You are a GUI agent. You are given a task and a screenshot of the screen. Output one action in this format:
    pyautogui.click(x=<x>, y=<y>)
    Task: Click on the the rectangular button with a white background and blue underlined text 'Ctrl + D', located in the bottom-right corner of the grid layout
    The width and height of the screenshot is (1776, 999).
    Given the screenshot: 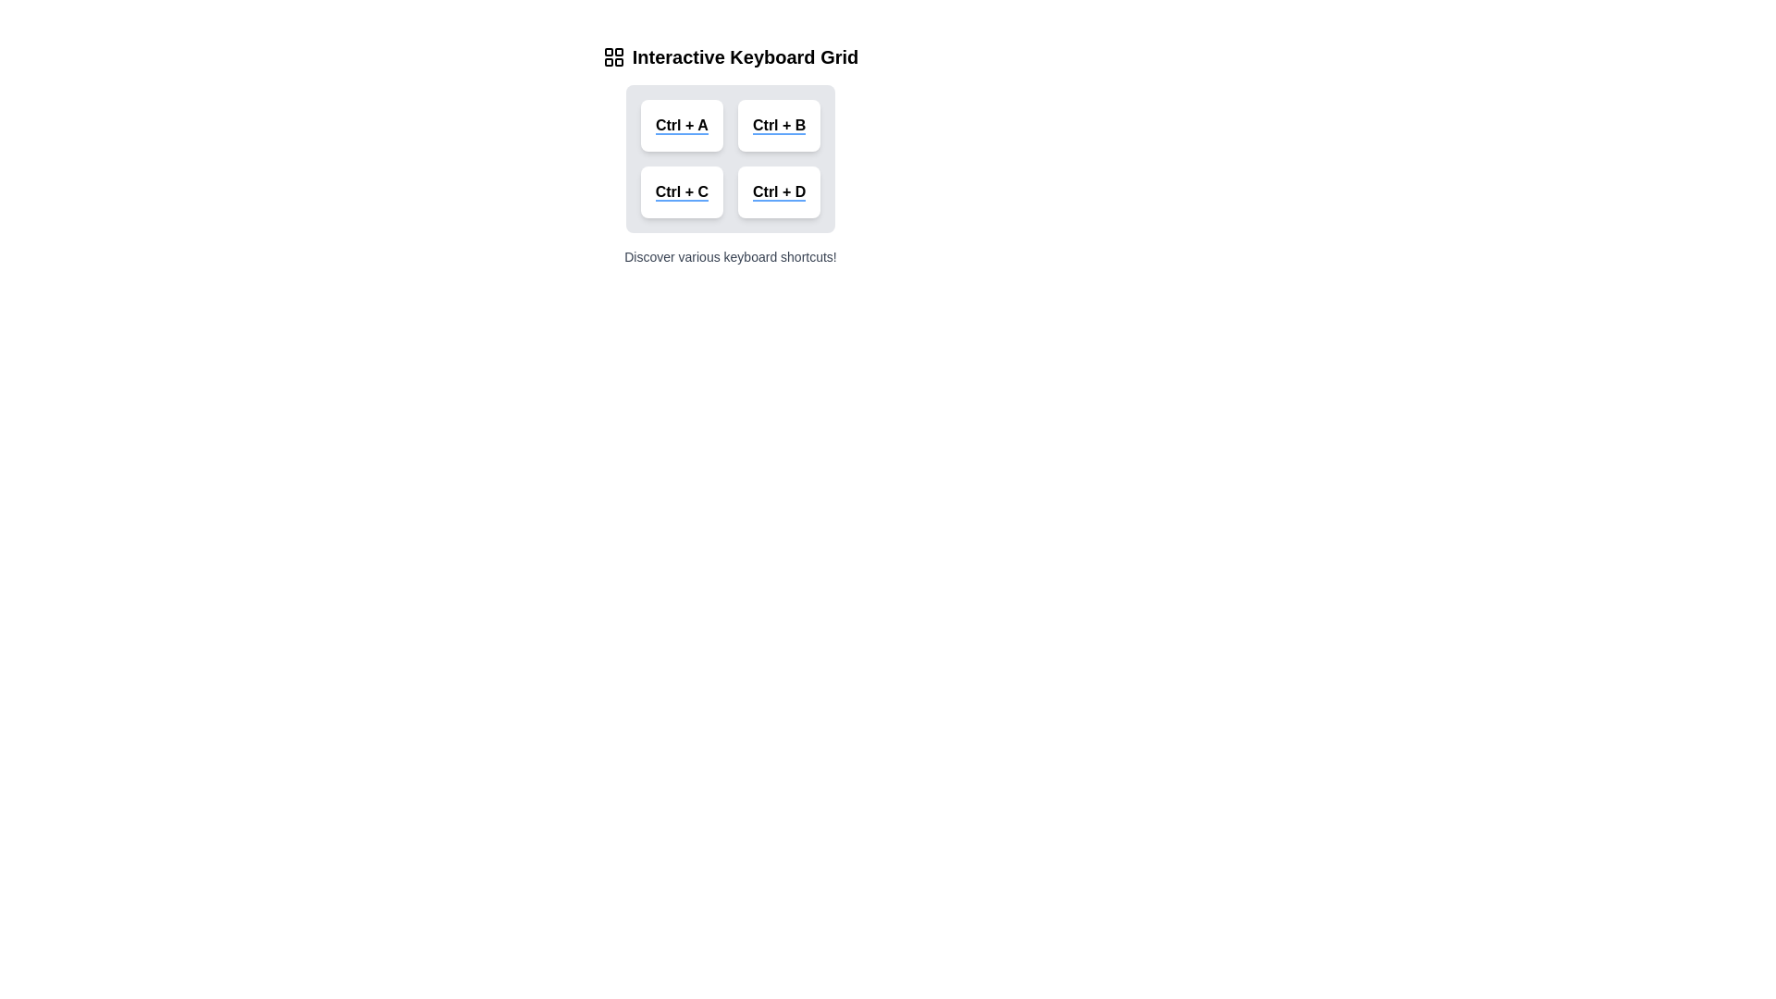 What is the action you would take?
    pyautogui.click(x=779, y=192)
    